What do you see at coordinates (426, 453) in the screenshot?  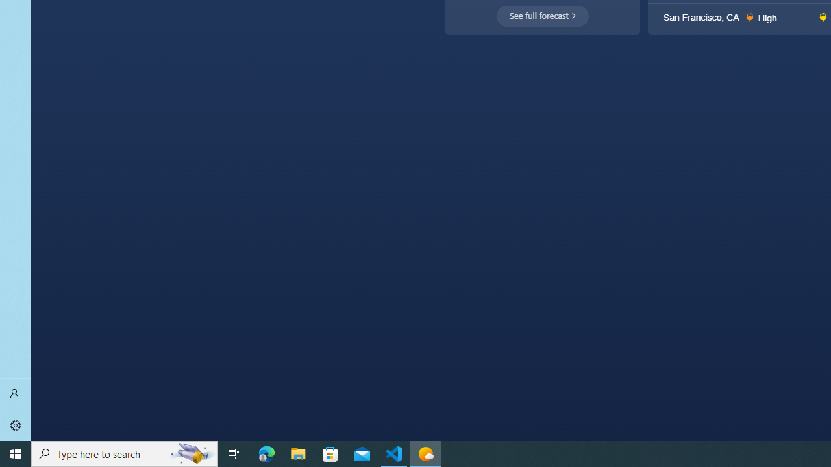 I see `'Weather - 1 running window'` at bounding box center [426, 453].